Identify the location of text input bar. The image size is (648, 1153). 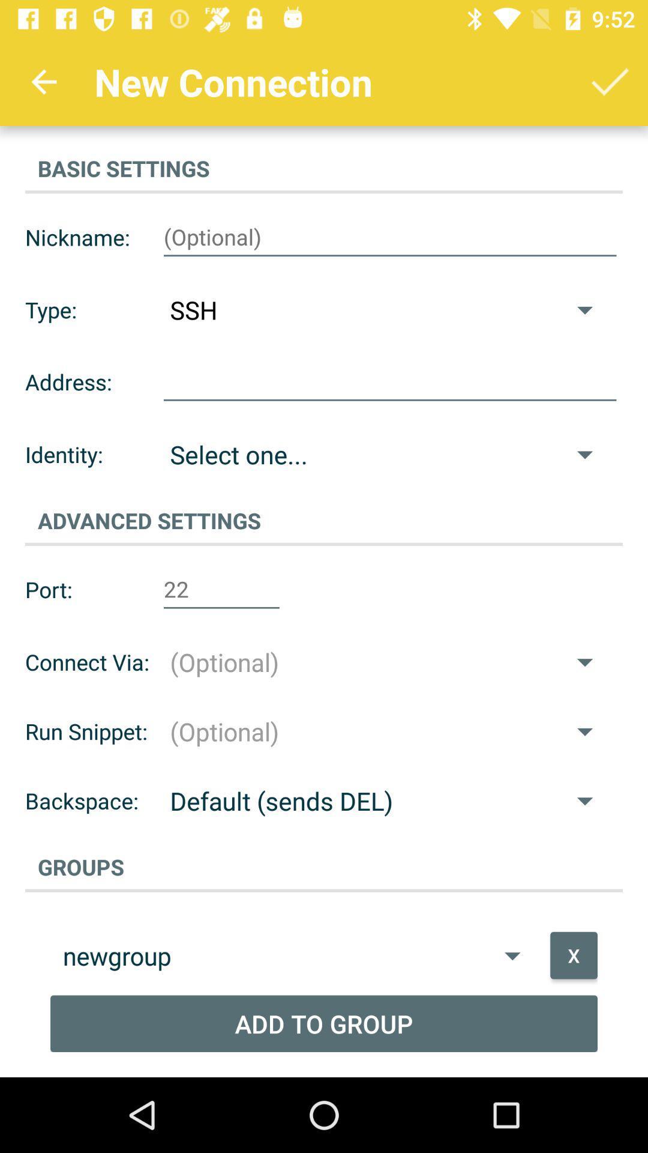
(390, 237).